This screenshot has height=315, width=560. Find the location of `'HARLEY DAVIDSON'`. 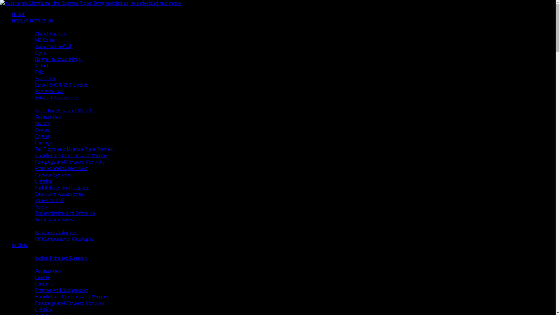

'HARLEY DAVIDSON' is located at coordinates (32, 20).